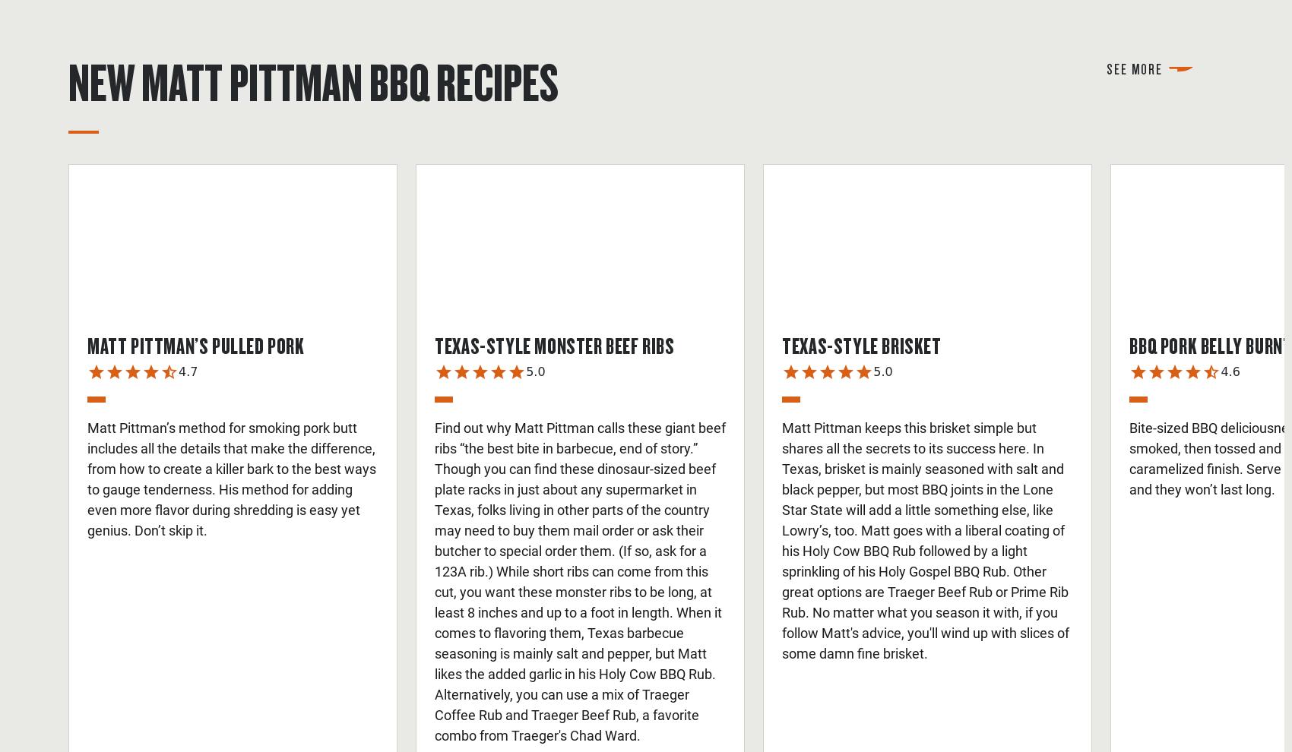 Image resolution: width=1292 pixels, height=752 pixels. I want to click on 'Matt Pittman keeps this brisket simple but shares all the secrets to its success here. In Texas, brisket is mainly seasoned with salt and black pepper, but most BBQ joints in the Lone Star State will add a little something else, like Lowry’s, too. Matt goes with a liberal coating of his Holy Cow BBQ Rub followed by a light sprinkling of his Holy Gospel BBQ Rub. Other great options are Traeger Beef Rub or Prime Rib Rub. No matter what you season it with, if you follow Matt's advice, you'll wind up with slices of some damn fine brisket.', so click(925, 539).